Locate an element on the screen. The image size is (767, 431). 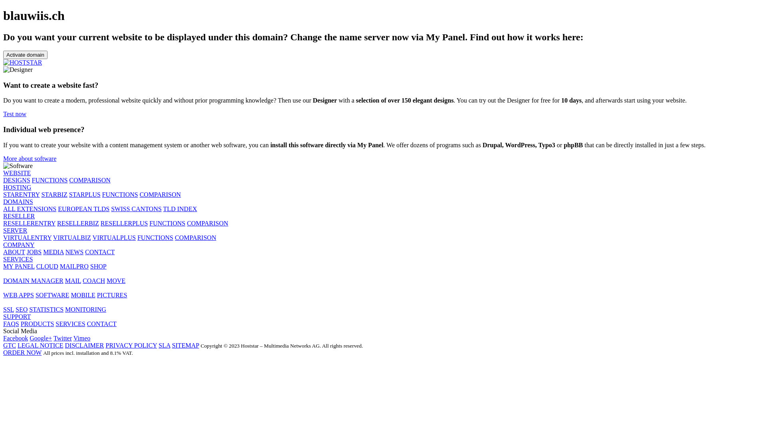
'SUPPORT' is located at coordinates (17, 316).